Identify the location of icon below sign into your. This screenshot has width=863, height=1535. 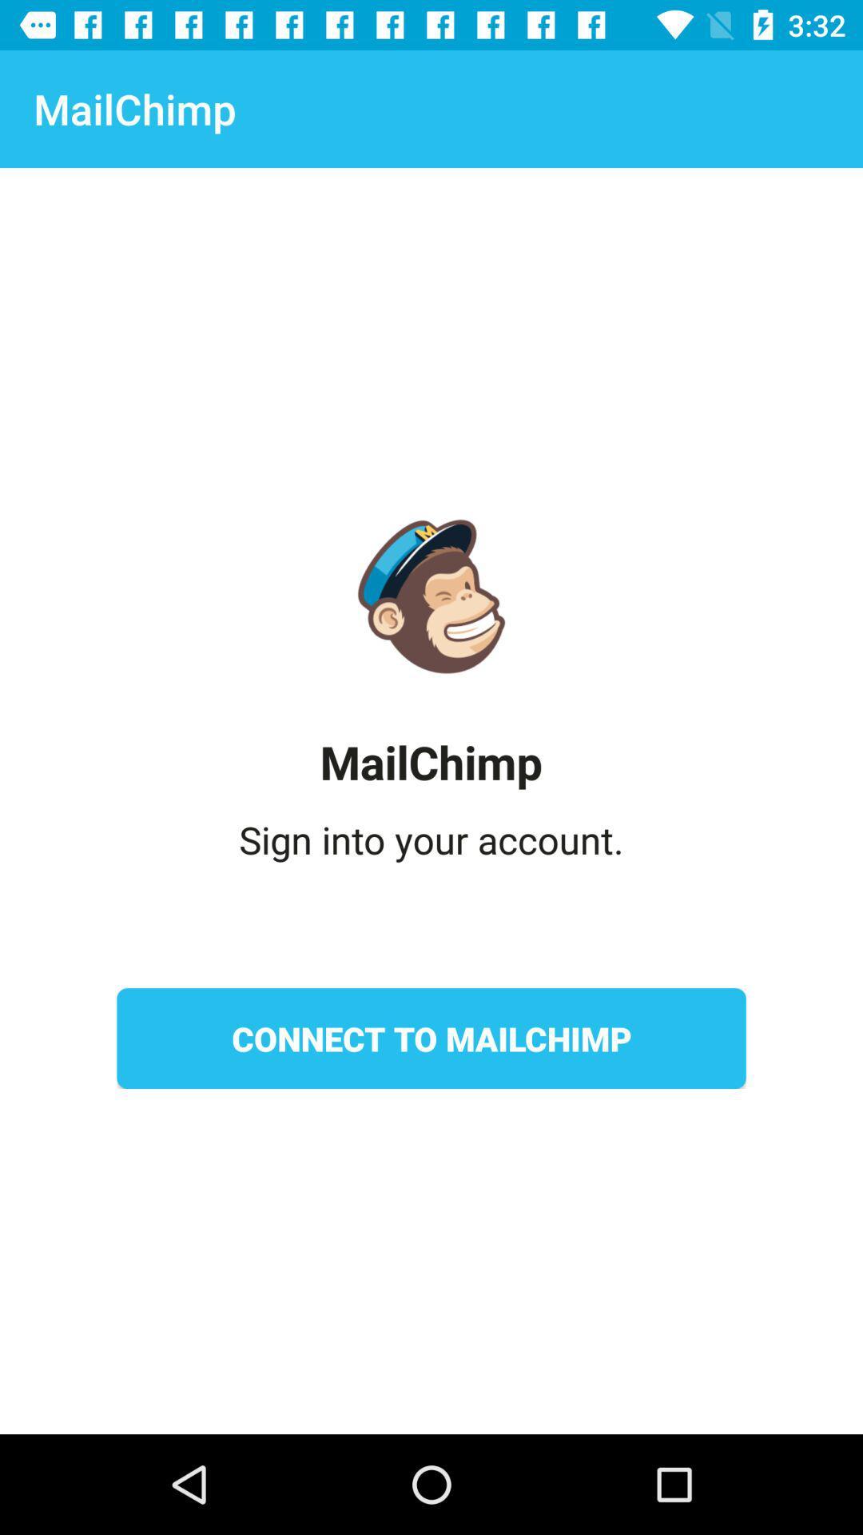
(431, 1039).